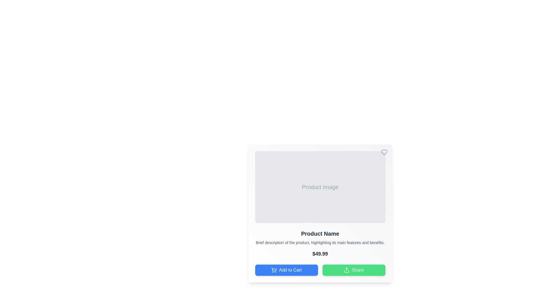 Image resolution: width=539 pixels, height=303 pixels. I want to click on the Text Display element that shows the product price, located below the product description and above the action buttons, so click(320, 254).